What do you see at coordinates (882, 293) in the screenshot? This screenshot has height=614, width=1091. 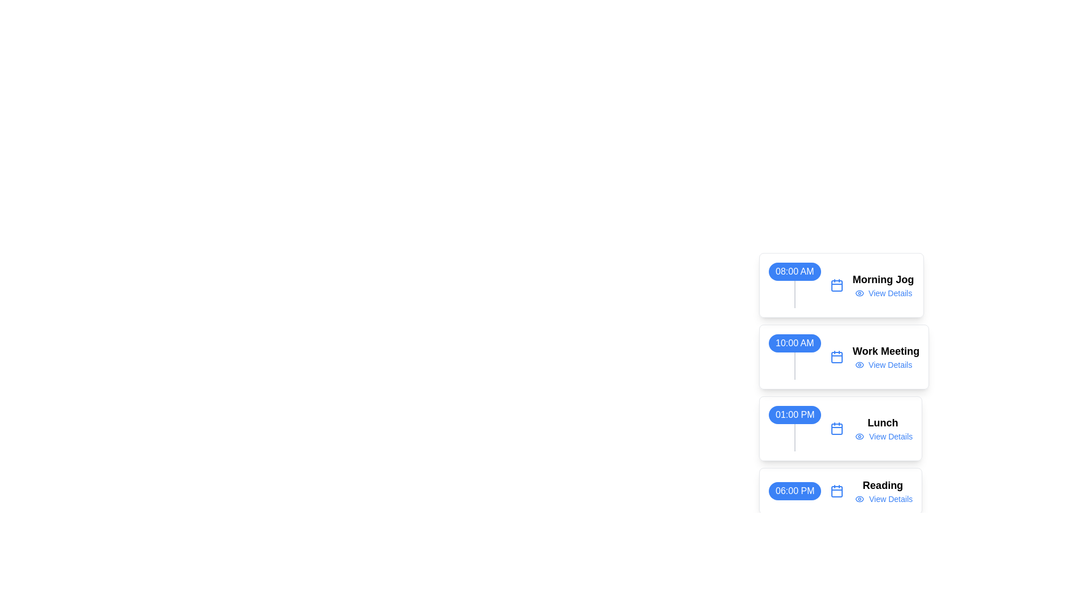 I see `the hyperlink with an icon located below the 'Morning Jog' text` at bounding box center [882, 293].